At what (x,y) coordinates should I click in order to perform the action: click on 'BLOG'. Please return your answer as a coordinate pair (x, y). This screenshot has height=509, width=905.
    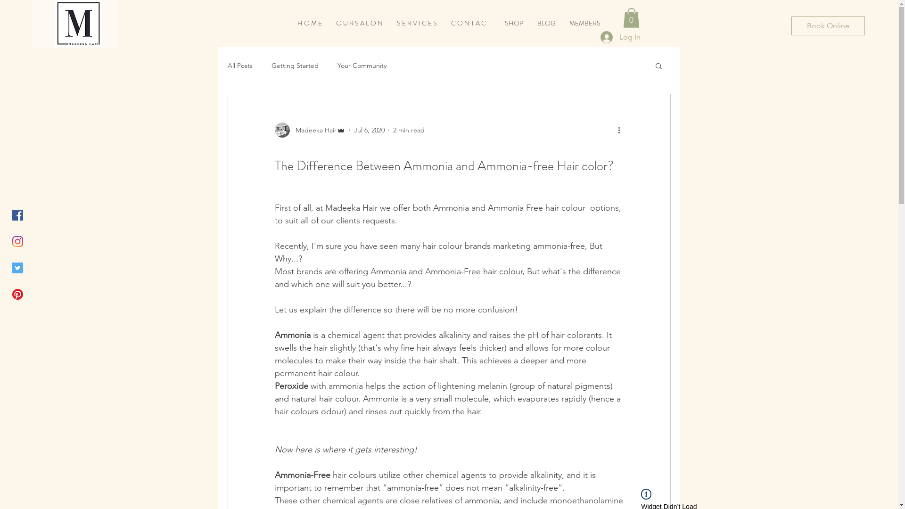
    Looking at the image, I should click on (546, 23).